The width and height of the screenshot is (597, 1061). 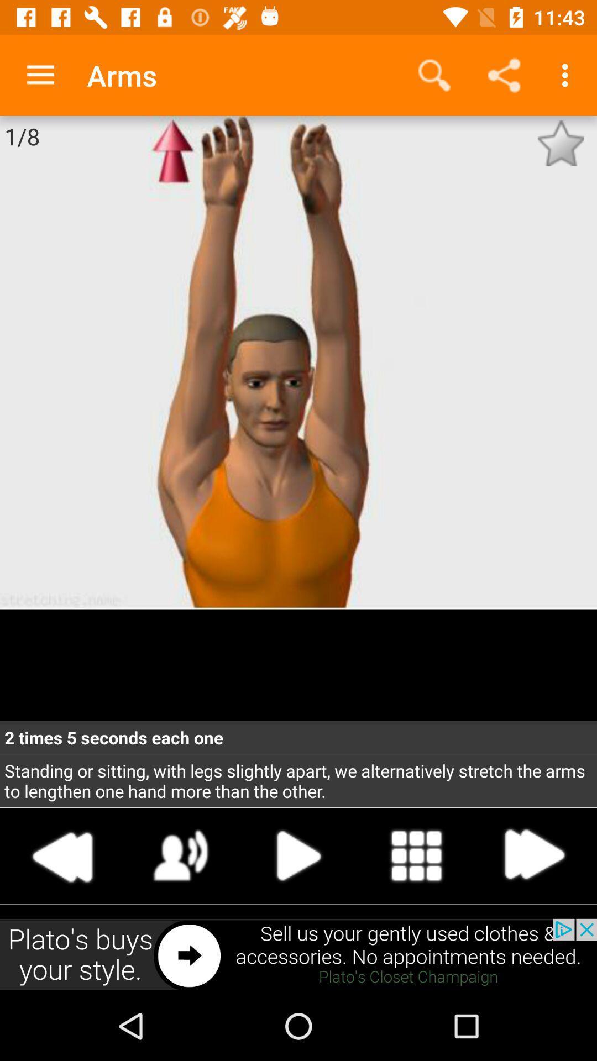 What do you see at coordinates (180, 855) in the screenshot?
I see `repeat speech` at bounding box center [180, 855].